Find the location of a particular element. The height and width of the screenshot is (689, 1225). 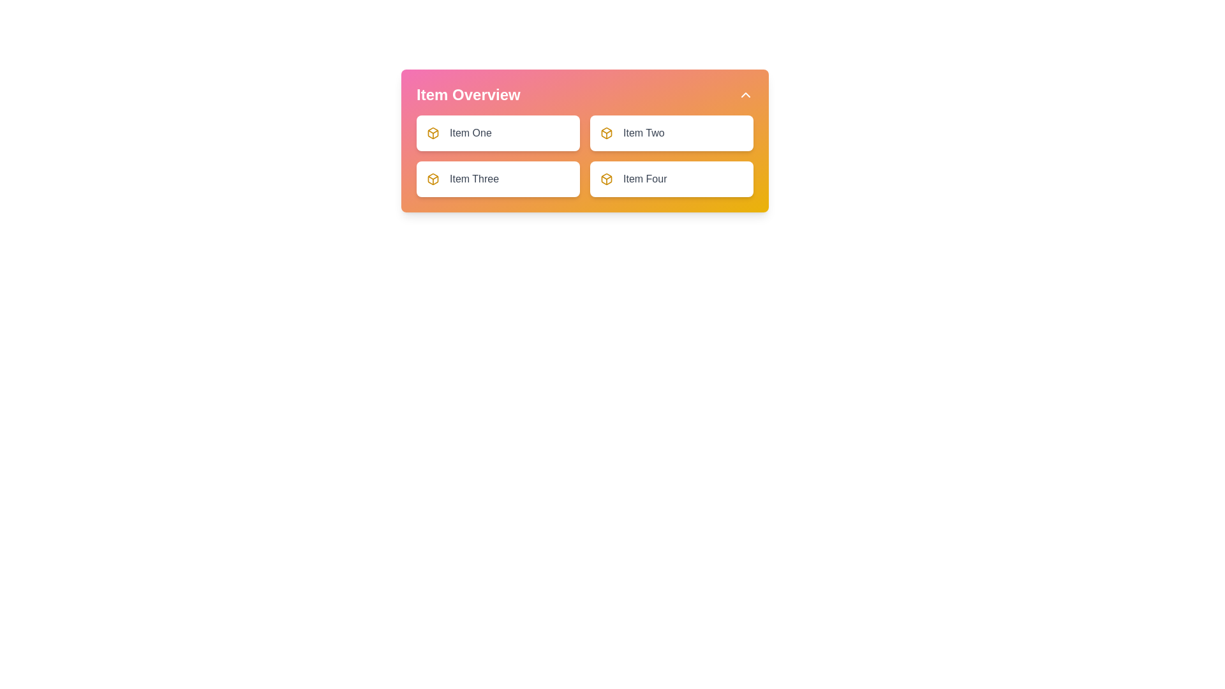

the decorative icon representing a 'box' or enclosure located to the left of the text-label 'Item Three' in the 'Item Overview' section is located at coordinates (433, 179).